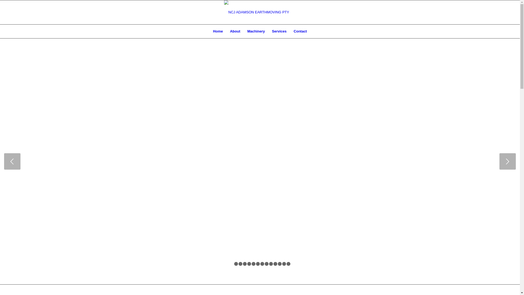 This screenshot has width=524, height=295. What do you see at coordinates (245, 263) in the screenshot?
I see `'4'` at bounding box center [245, 263].